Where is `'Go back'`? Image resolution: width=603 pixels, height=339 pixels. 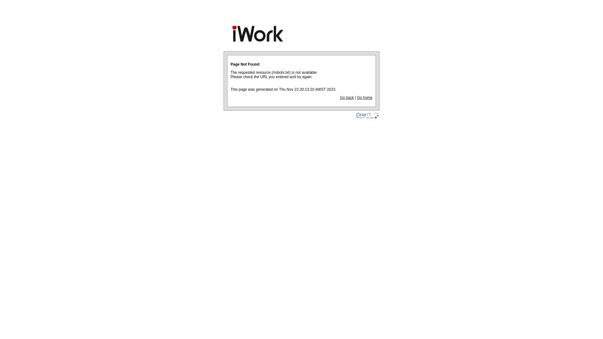 'Go back' is located at coordinates (346, 98).